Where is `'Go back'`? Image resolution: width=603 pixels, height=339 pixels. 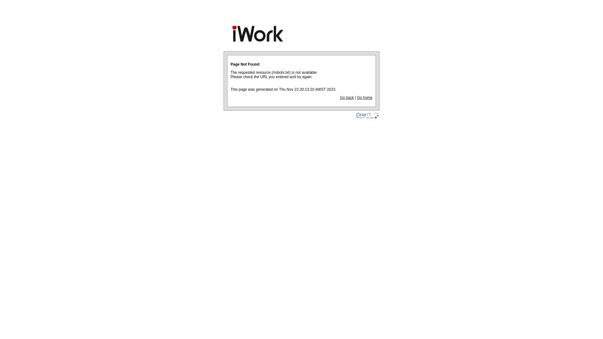 'Go back' is located at coordinates (346, 98).